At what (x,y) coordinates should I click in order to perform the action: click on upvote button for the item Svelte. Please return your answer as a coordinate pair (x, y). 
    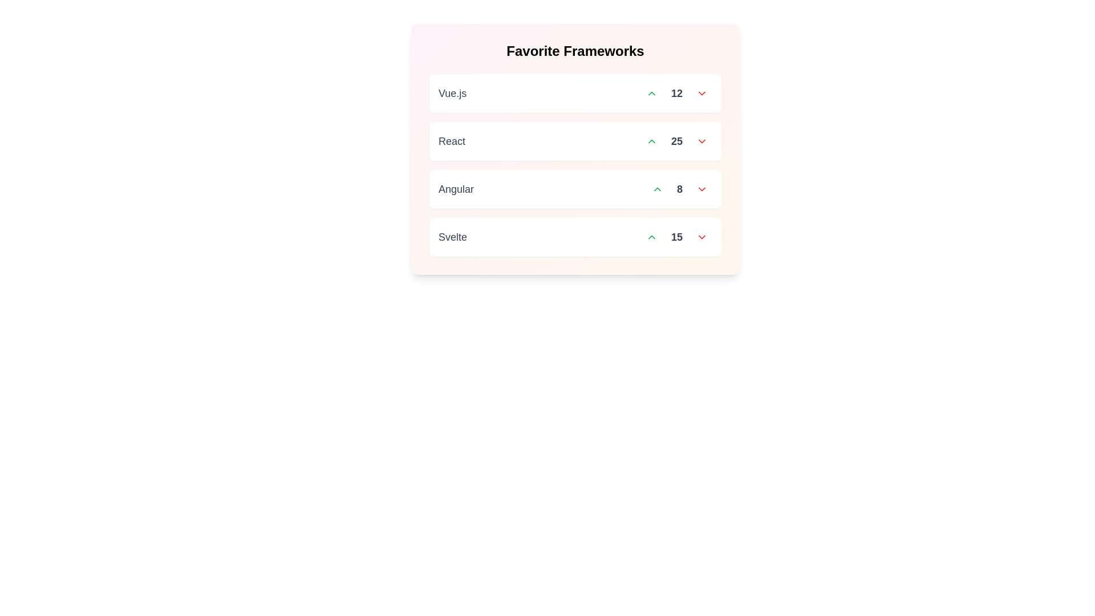
    Looking at the image, I should click on (651, 237).